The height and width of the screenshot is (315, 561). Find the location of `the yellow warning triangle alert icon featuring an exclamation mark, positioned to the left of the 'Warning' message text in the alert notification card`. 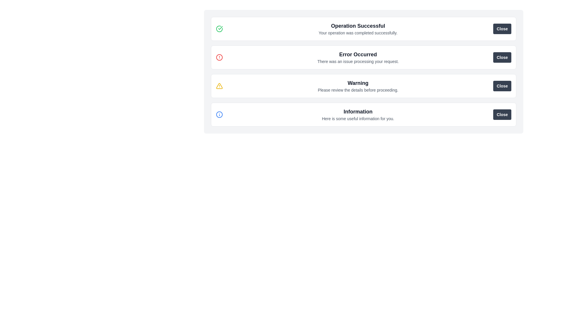

the yellow warning triangle alert icon featuring an exclamation mark, positioned to the left of the 'Warning' message text in the alert notification card is located at coordinates (219, 86).